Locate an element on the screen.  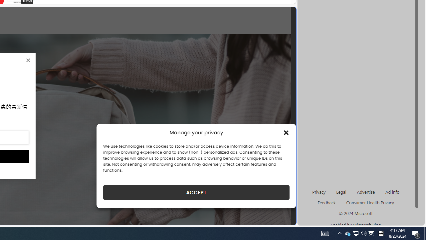
'AutomationID: sb_feedback' is located at coordinates (326, 202).